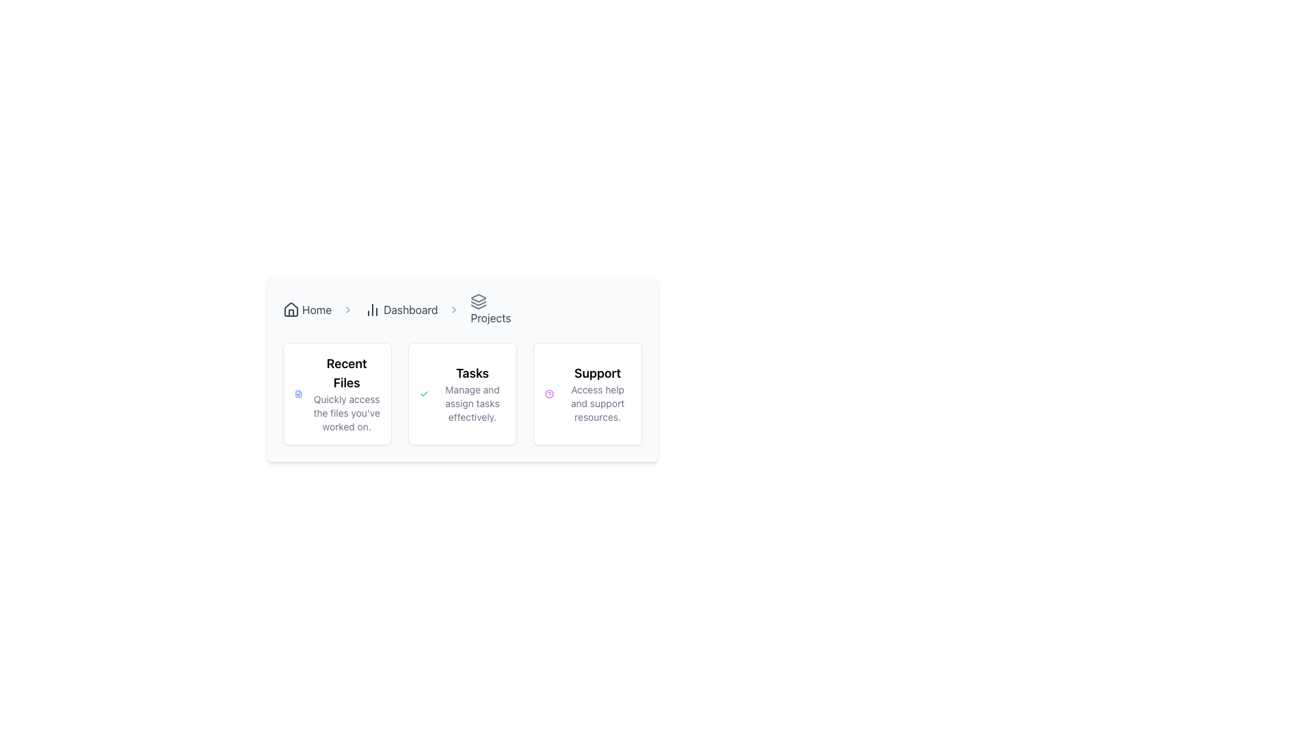  I want to click on the 'Recent Files' text block element, which features a bold heading and a lighter description, so click(347, 393).